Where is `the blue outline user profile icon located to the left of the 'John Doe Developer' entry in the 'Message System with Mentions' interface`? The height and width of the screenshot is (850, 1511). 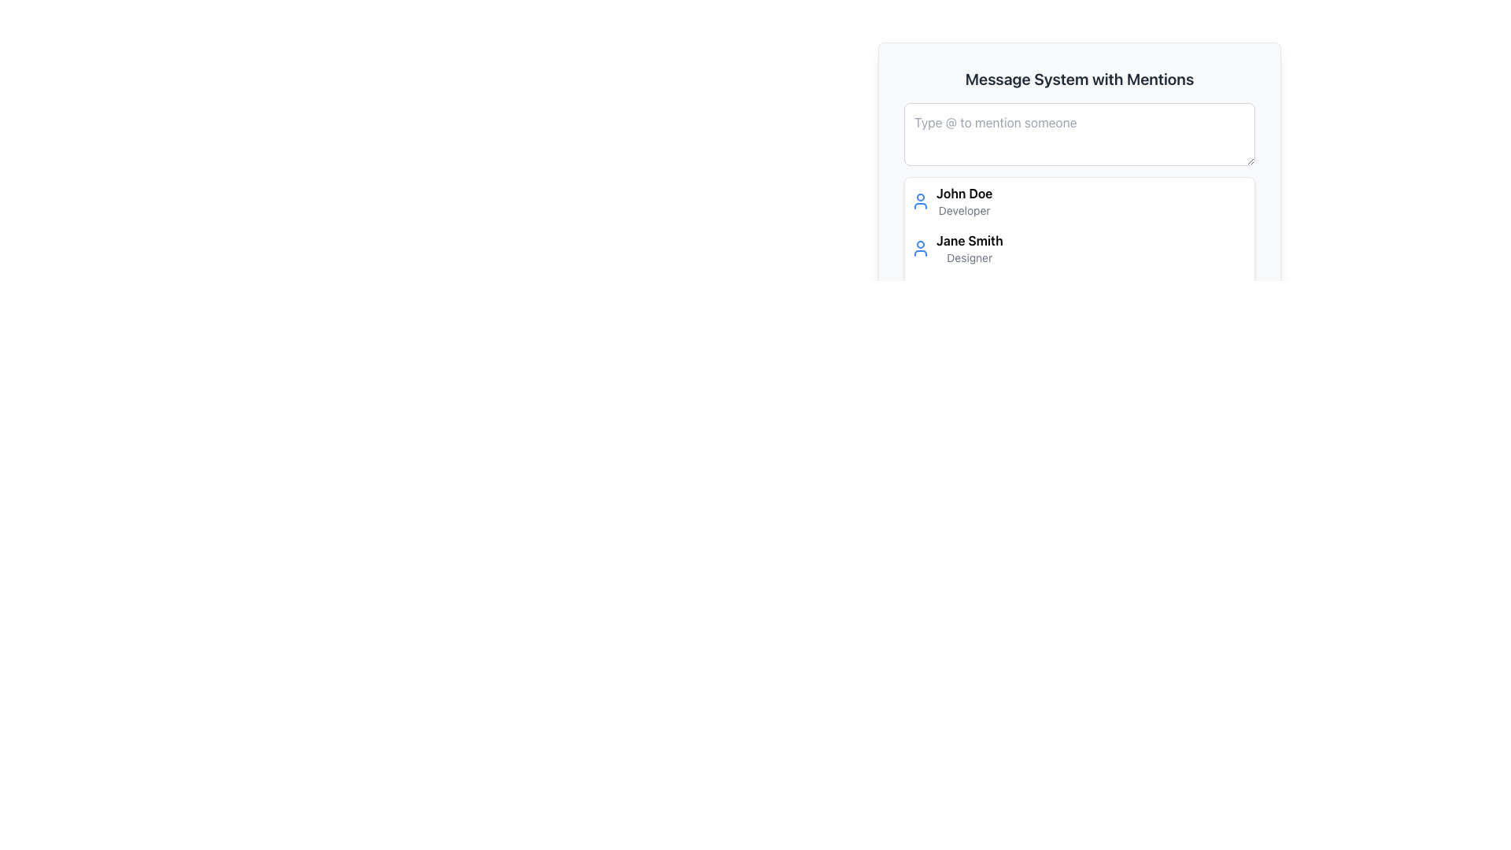 the blue outline user profile icon located to the left of the 'John Doe Developer' entry in the 'Message System with Mentions' interface is located at coordinates (921, 200).